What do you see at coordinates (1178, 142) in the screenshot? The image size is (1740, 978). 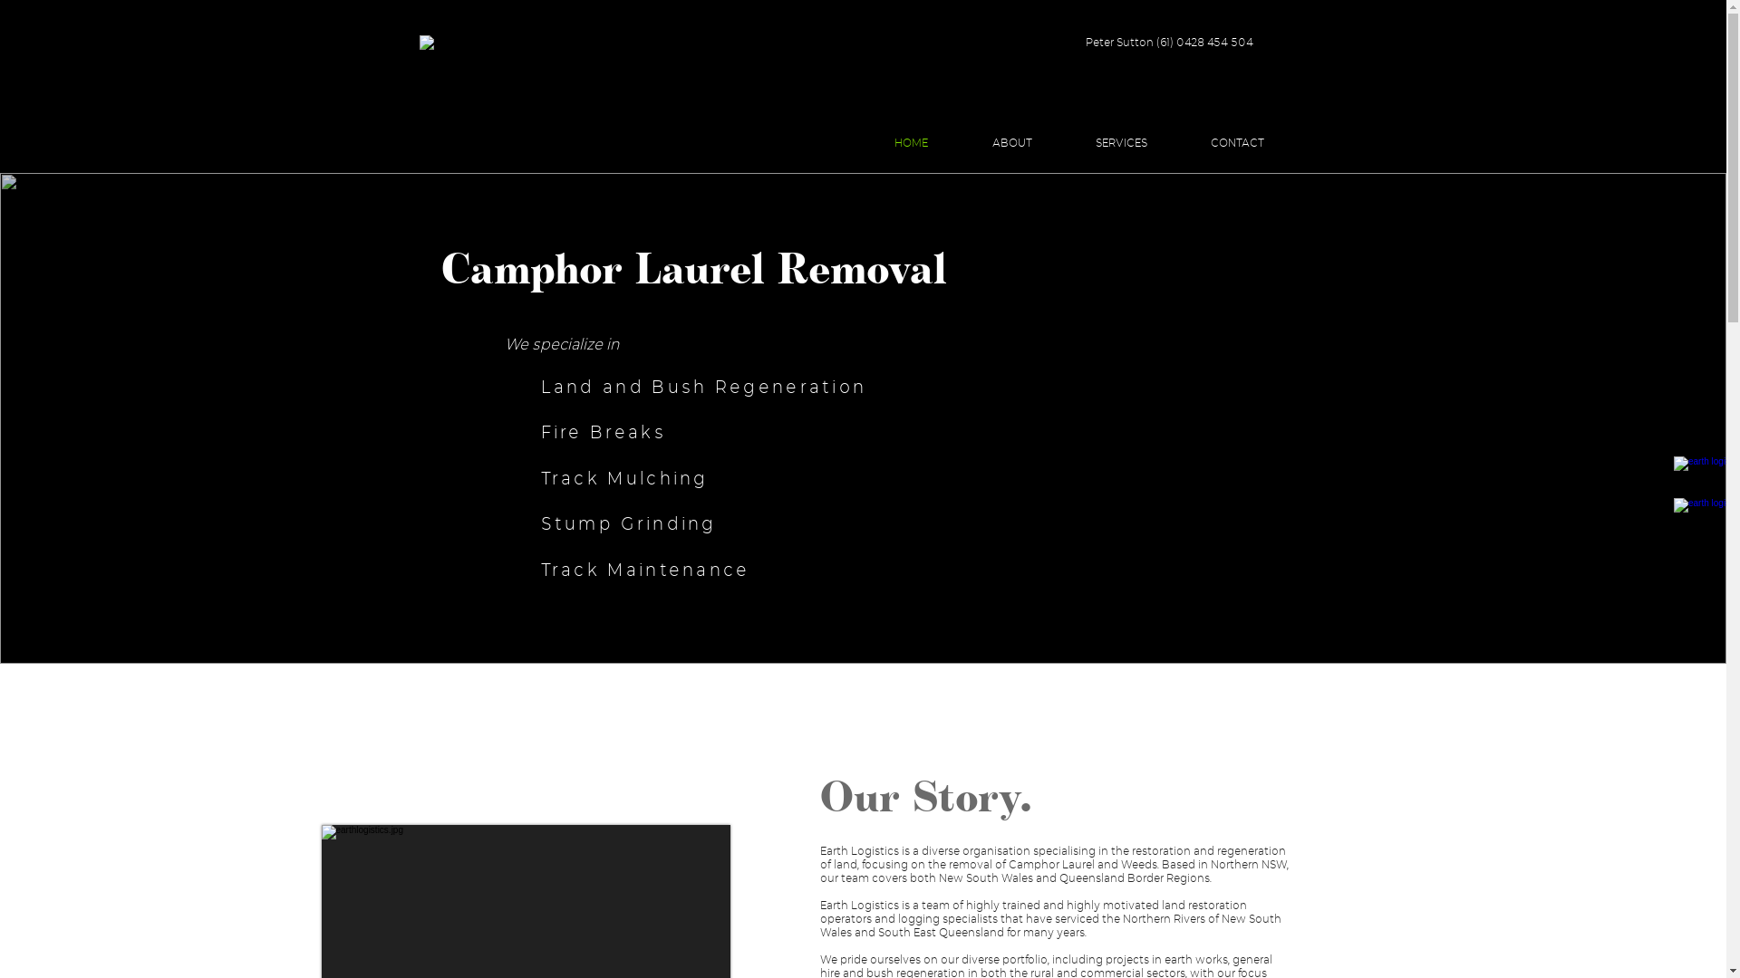 I see `'CONTACT'` at bounding box center [1178, 142].